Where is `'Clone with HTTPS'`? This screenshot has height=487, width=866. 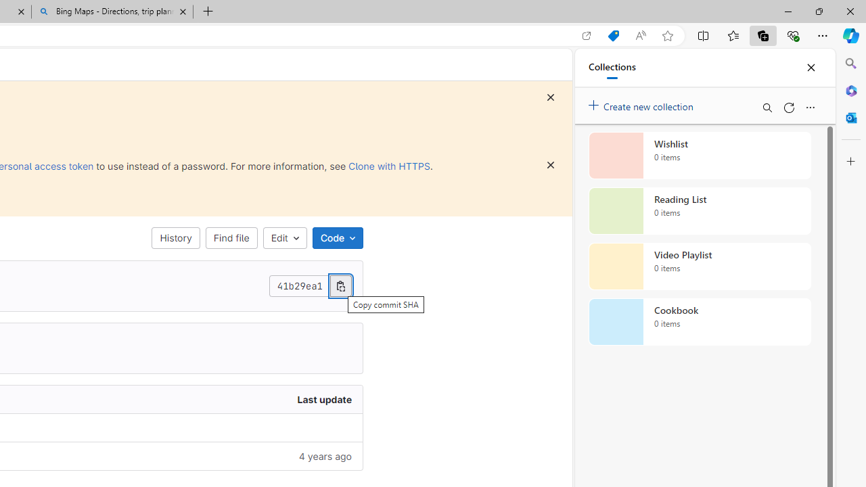
'Clone with HTTPS' is located at coordinates (388, 165).